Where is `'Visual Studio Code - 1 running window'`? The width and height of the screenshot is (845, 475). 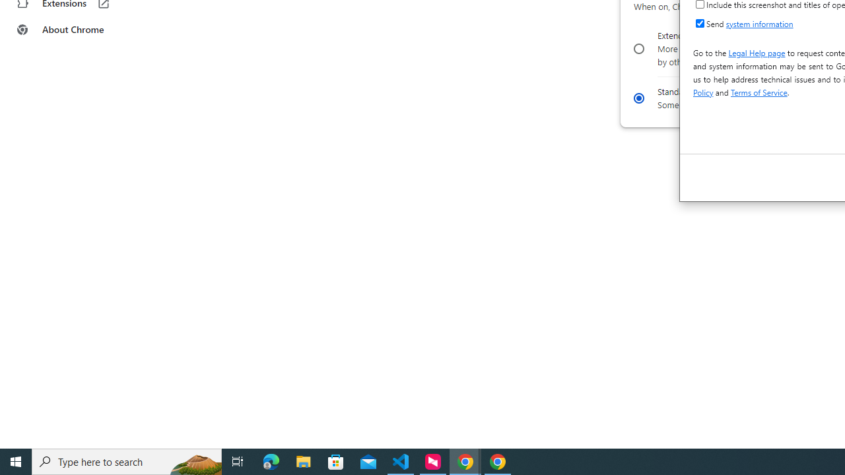 'Visual Studio Code - 1 running window' is located at coordinates (400, 460).